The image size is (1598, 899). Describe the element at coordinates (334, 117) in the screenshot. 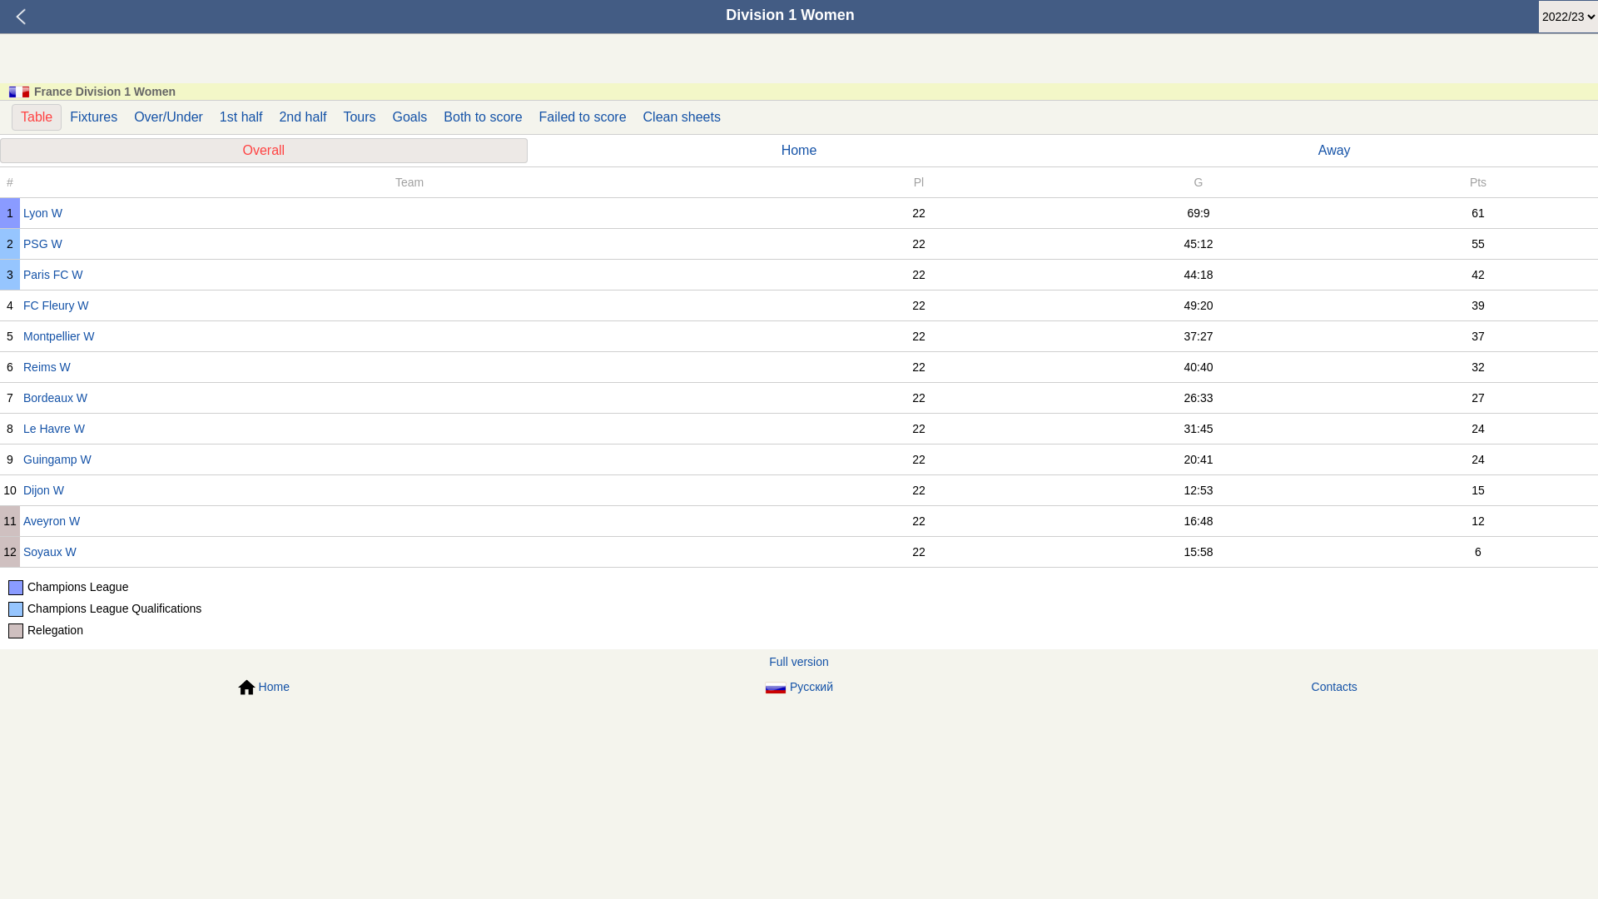

I see `'Tours'` at that location.